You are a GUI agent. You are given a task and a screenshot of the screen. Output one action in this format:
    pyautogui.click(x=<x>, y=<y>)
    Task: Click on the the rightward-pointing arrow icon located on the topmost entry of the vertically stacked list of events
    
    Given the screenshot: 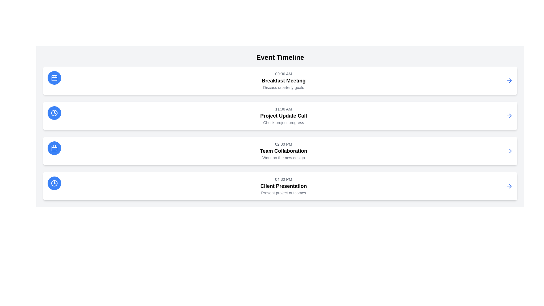 What is the action you would take?
    pyautogui.click(x=509, y=81)
    